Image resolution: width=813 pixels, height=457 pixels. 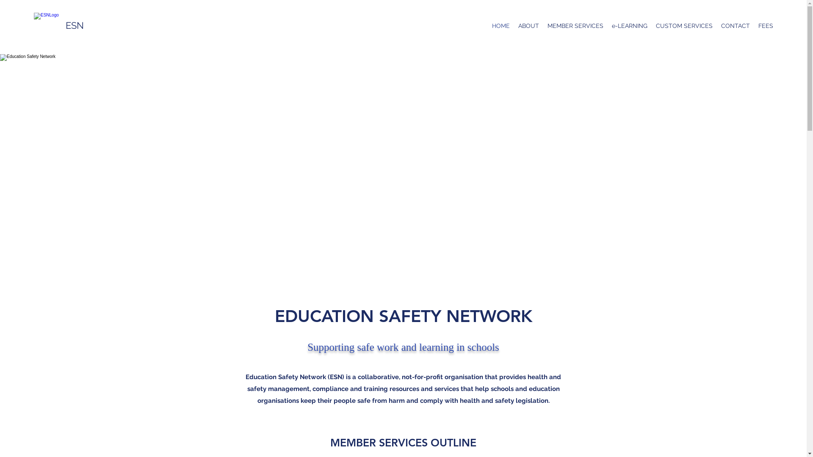 I want to click on 'FEES', so click(x=766, y=25).